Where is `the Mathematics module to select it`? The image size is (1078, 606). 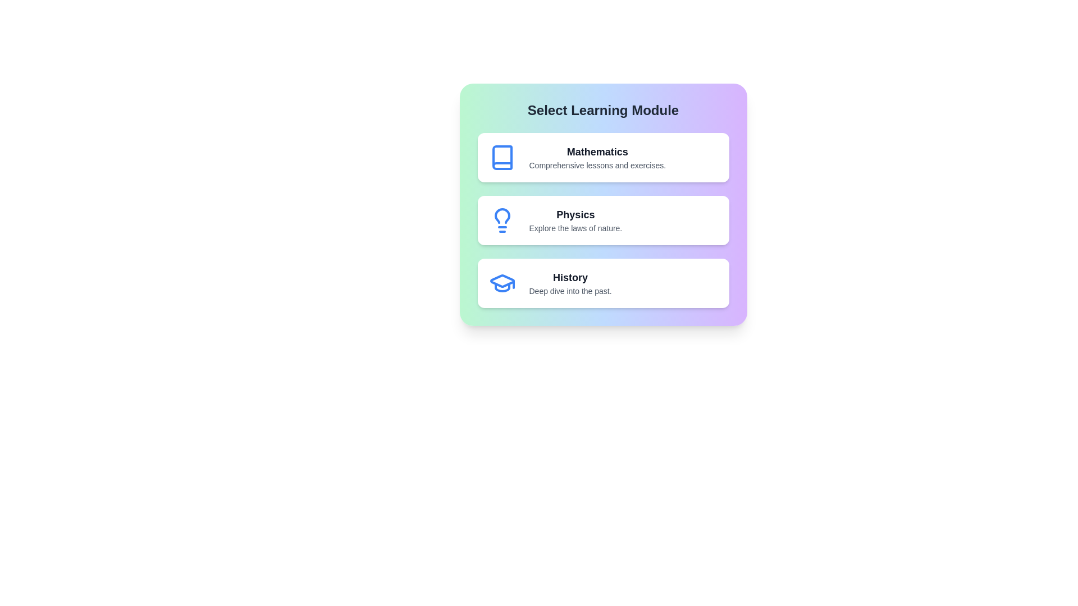 the Mathematics module to select it is located at coordinates (602, 158).